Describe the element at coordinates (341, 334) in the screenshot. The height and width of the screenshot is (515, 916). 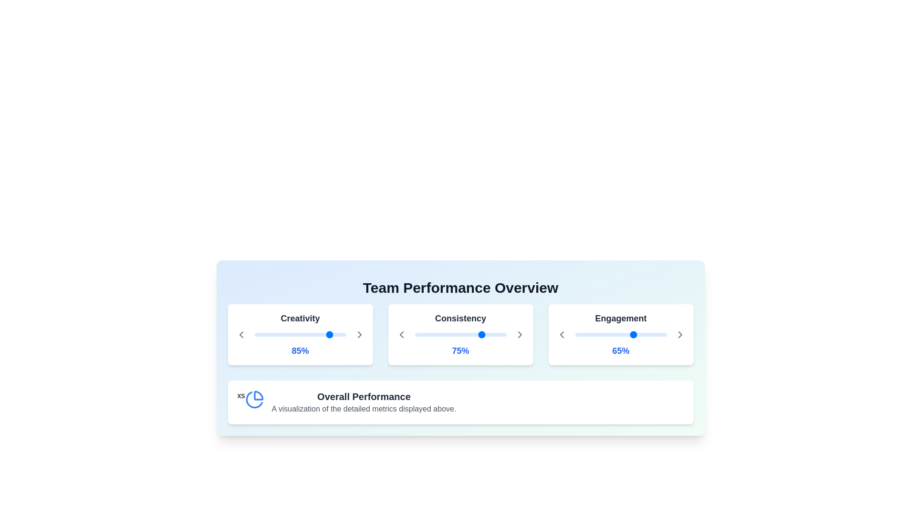
I see `Creativity level` at that location.